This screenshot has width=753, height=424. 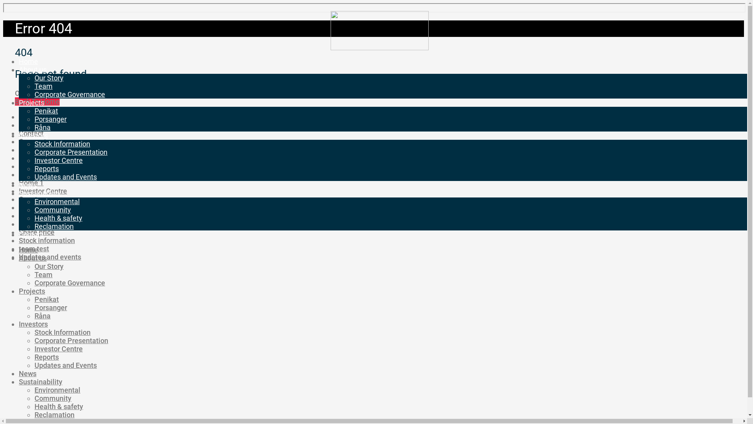 What do you see at coordinates (19, 61) in the screenshot?
I see `'Home'` at bounding box center [19, 61].